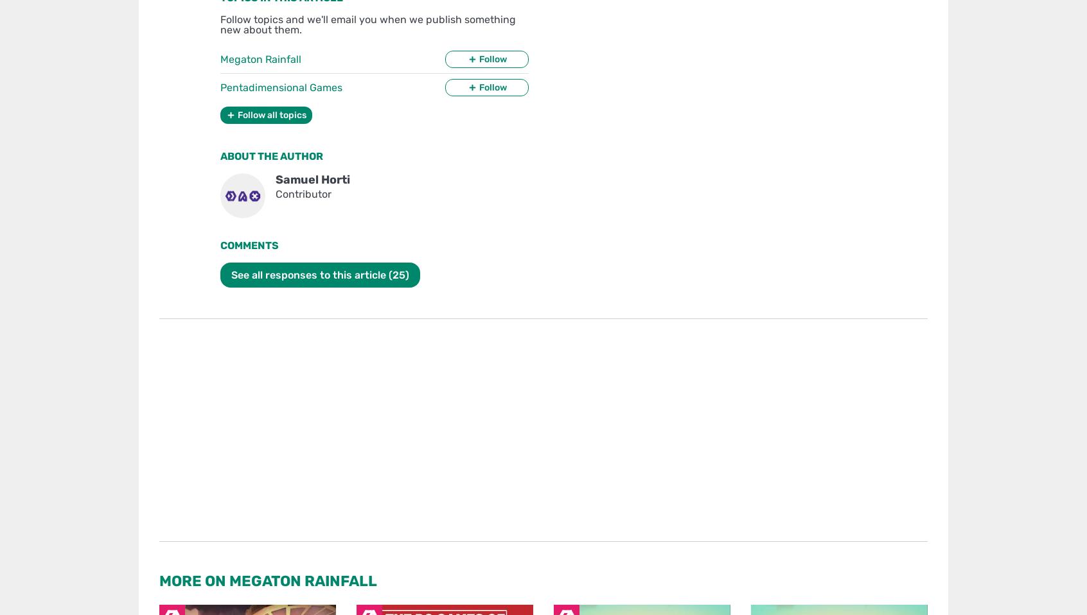 Image resolution: width=1087 pixels, height=615 pixels. What do you see at coordinates (261, 58) in the screenshot?
I see `'Megaton Rainfall'` at bounding box center [261, 58].